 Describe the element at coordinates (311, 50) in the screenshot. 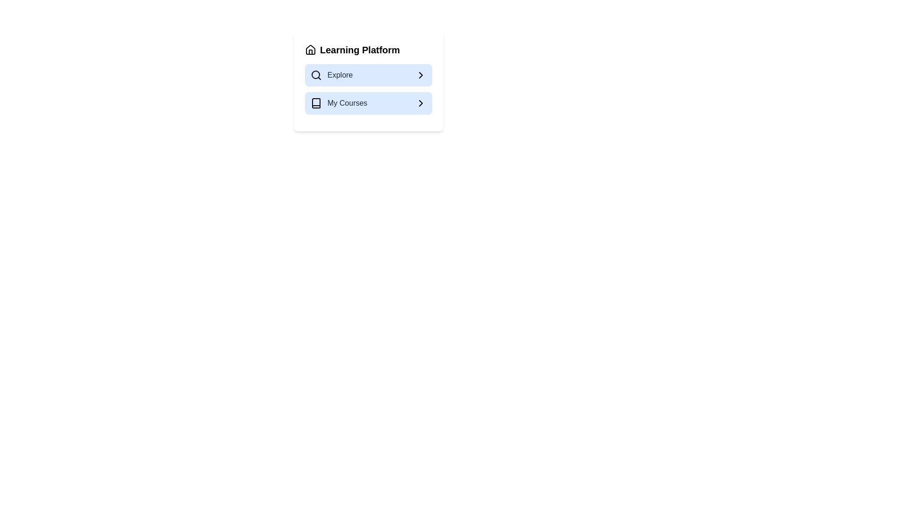

I see `the small black house-shaped icon positioned to the left of the 'Learning Platform' text in the upper section of the interface` at that location.